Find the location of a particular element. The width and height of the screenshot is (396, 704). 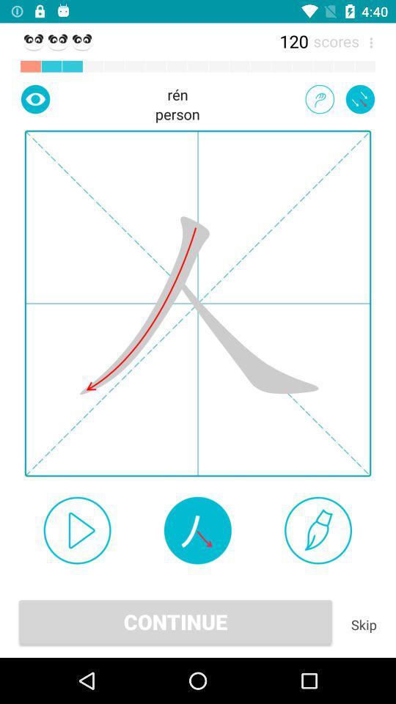

change input is located at coordinates (319, 98).